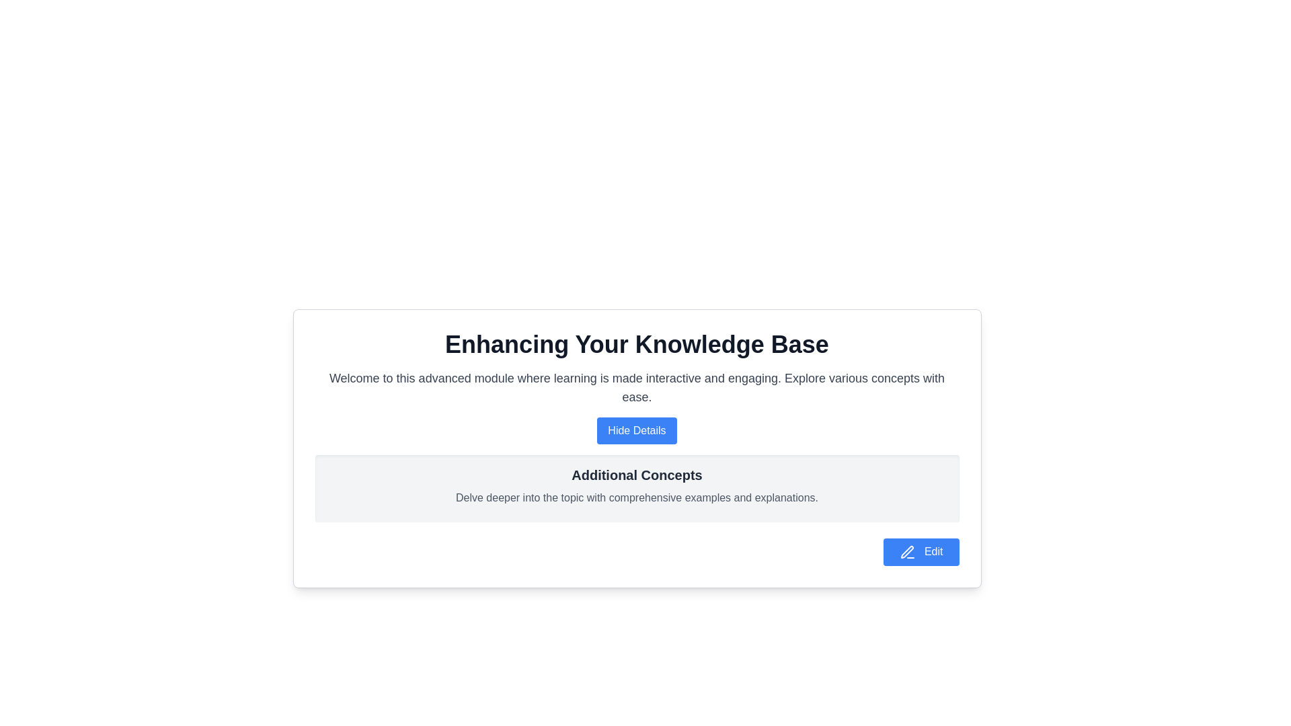  What do you see at coordinates (907, 552) in the screenshot?
I see `the edit icon located in the bottom-right corner of the white card` at bounding box center [907, 552].